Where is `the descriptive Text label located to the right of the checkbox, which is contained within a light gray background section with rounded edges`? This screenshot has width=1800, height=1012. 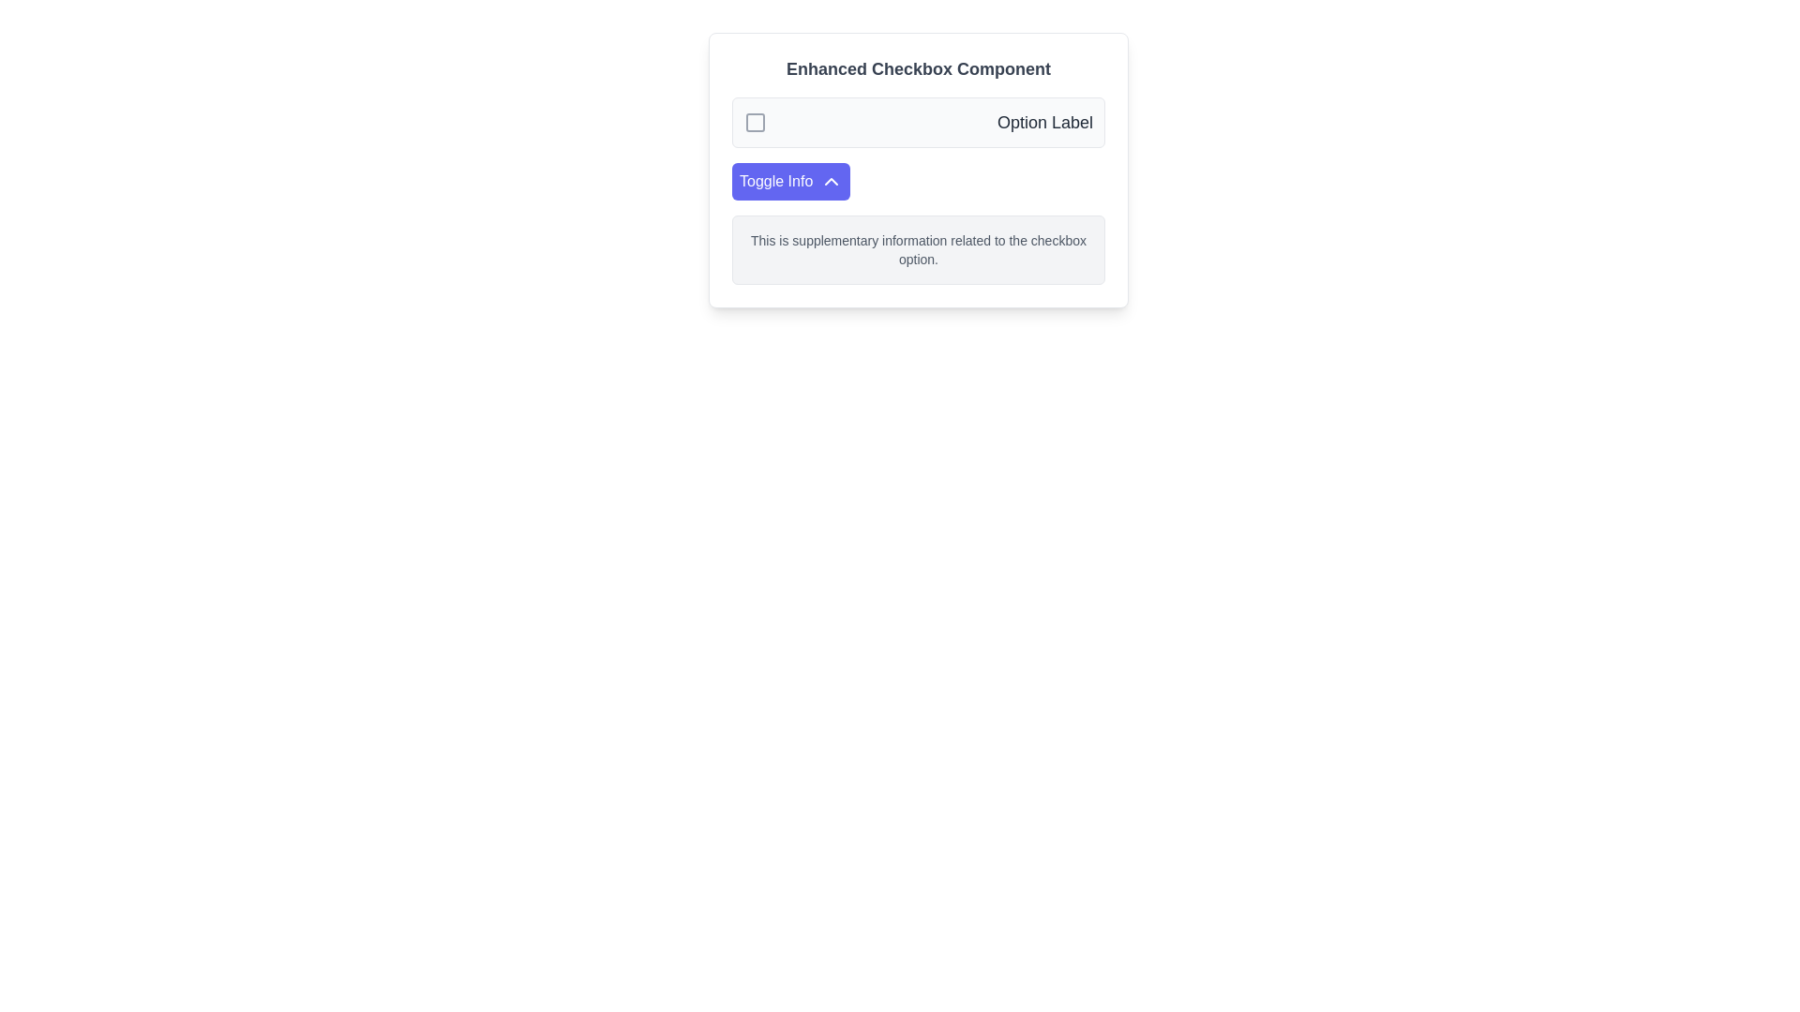 the descriptive Text label located to the right of the checkbox, which is contained within a light gray background section with rounded edges is located at coordinates (1043, 123).